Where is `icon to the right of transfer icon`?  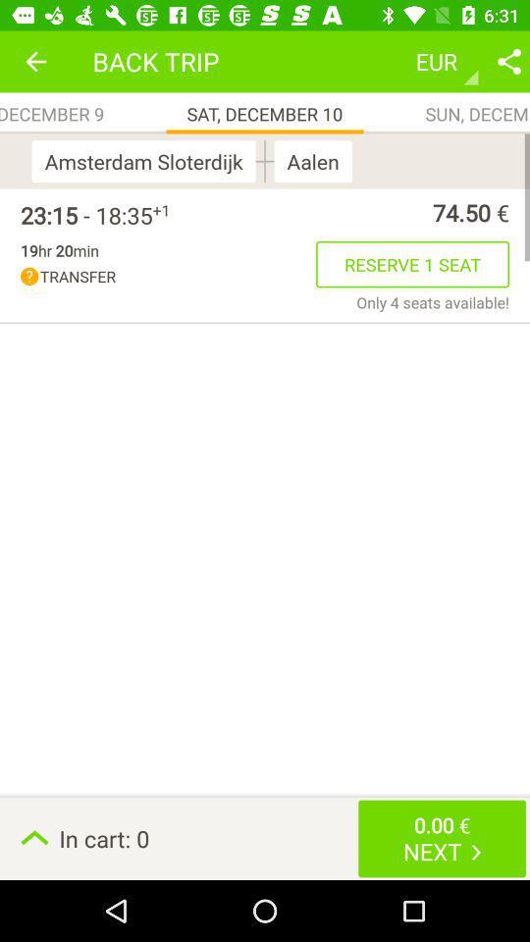 icon to the right of transfer icon is located at coordinates (411, 263).